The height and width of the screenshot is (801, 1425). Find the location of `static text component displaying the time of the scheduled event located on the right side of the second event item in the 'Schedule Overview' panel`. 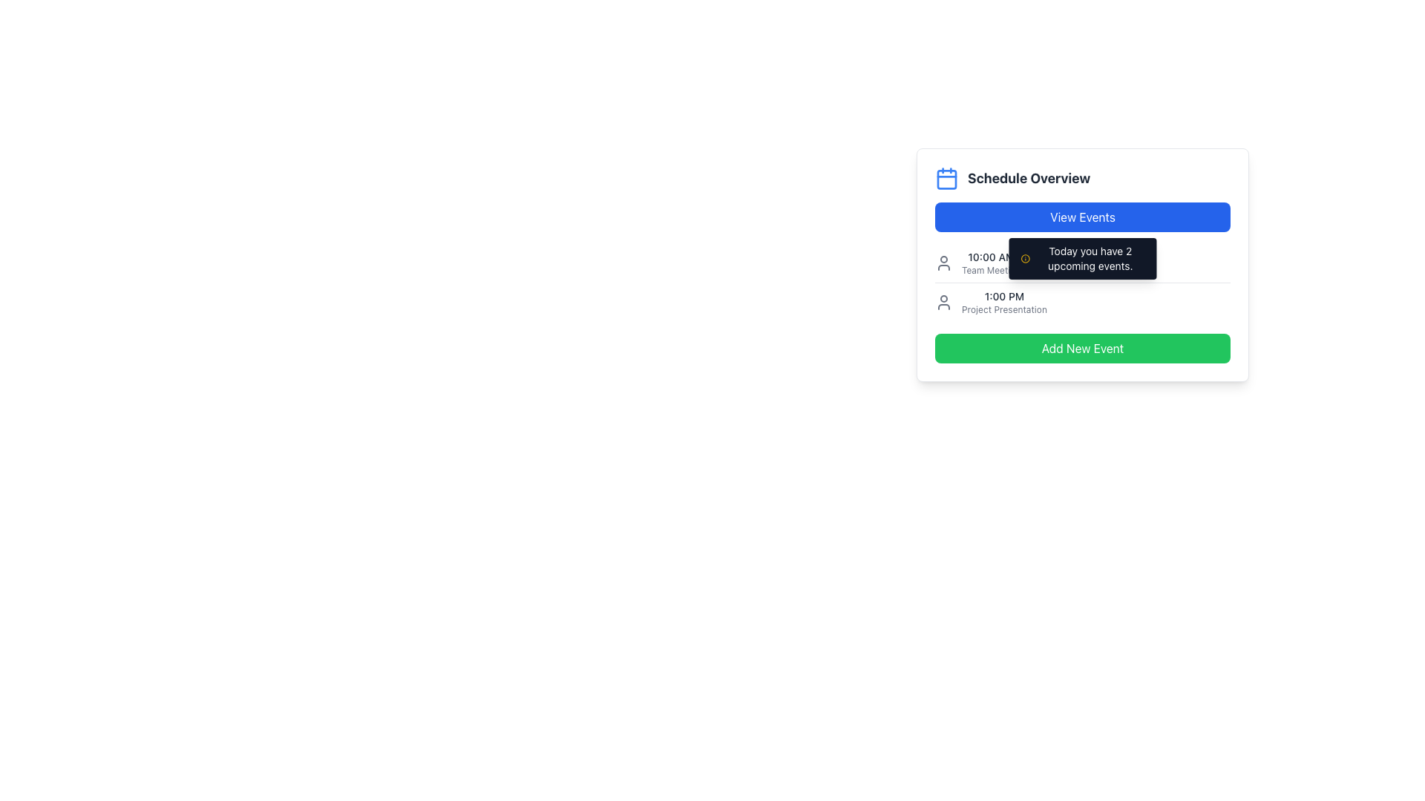

static text component displaying the time of the scheduled event located on the right side of the second event item in the 'Schedule Overview' panel is located at coordinates (1004, 297).